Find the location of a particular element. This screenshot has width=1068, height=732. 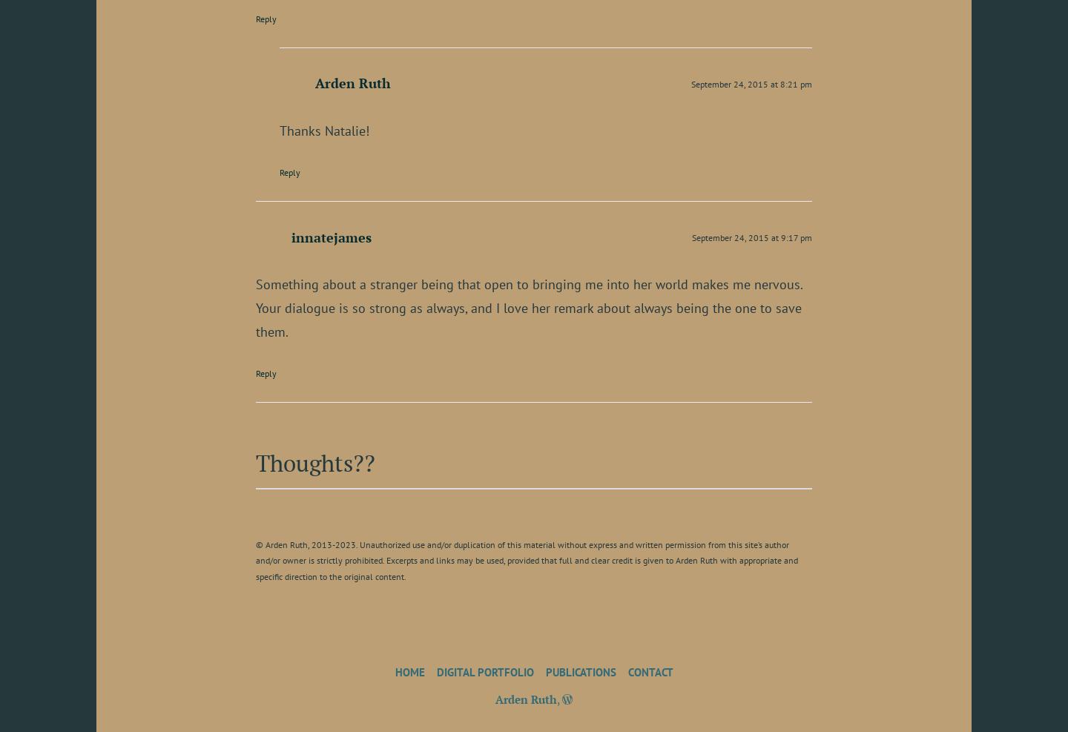

'Something about a stranger being that open to bringing me into her world makes me nervous. Your dialogue is so strong as always, and I love her remark about always being the one to save them.' is located at coordinates (529, 307).